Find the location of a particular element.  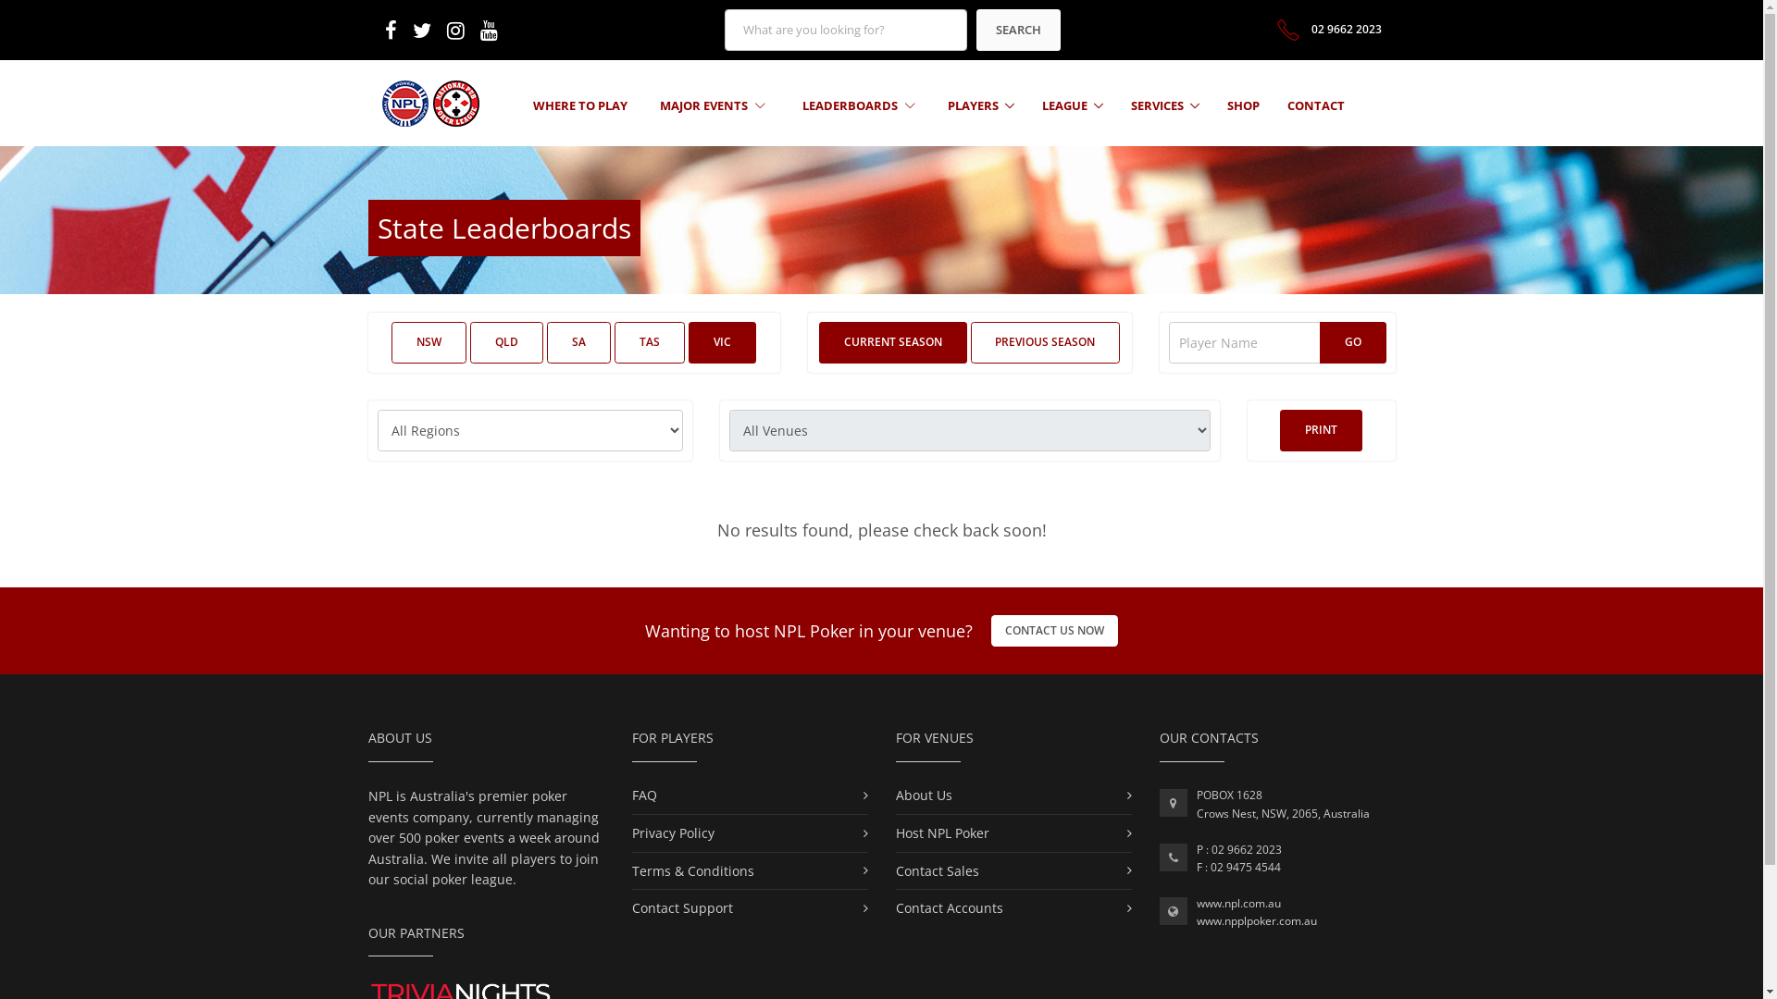

'SHOP' is located at coordinates (1243, 105).